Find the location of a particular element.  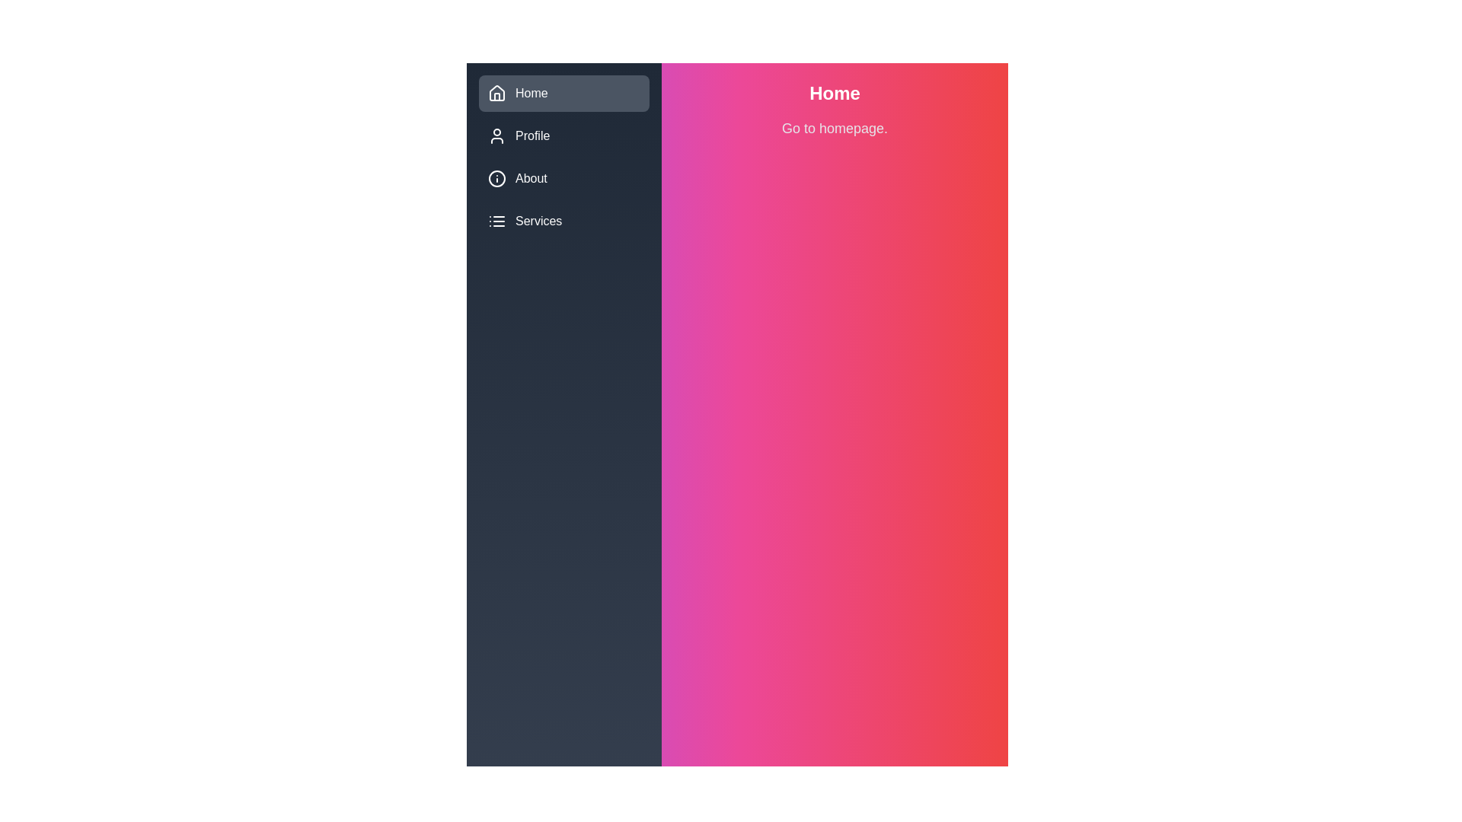

the menu item About to see its hover effect is located at coordinates (563, 178).